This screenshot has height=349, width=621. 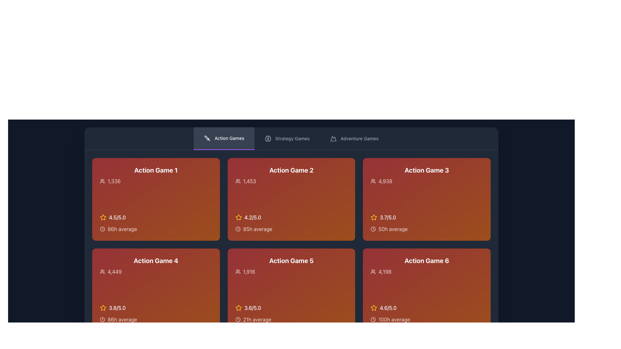 I want to click on average playtime displayed in the information block for 'Action Game 1' which shows '86h average' below the star rating '4.5/5.0', so click(x=156, y=223).